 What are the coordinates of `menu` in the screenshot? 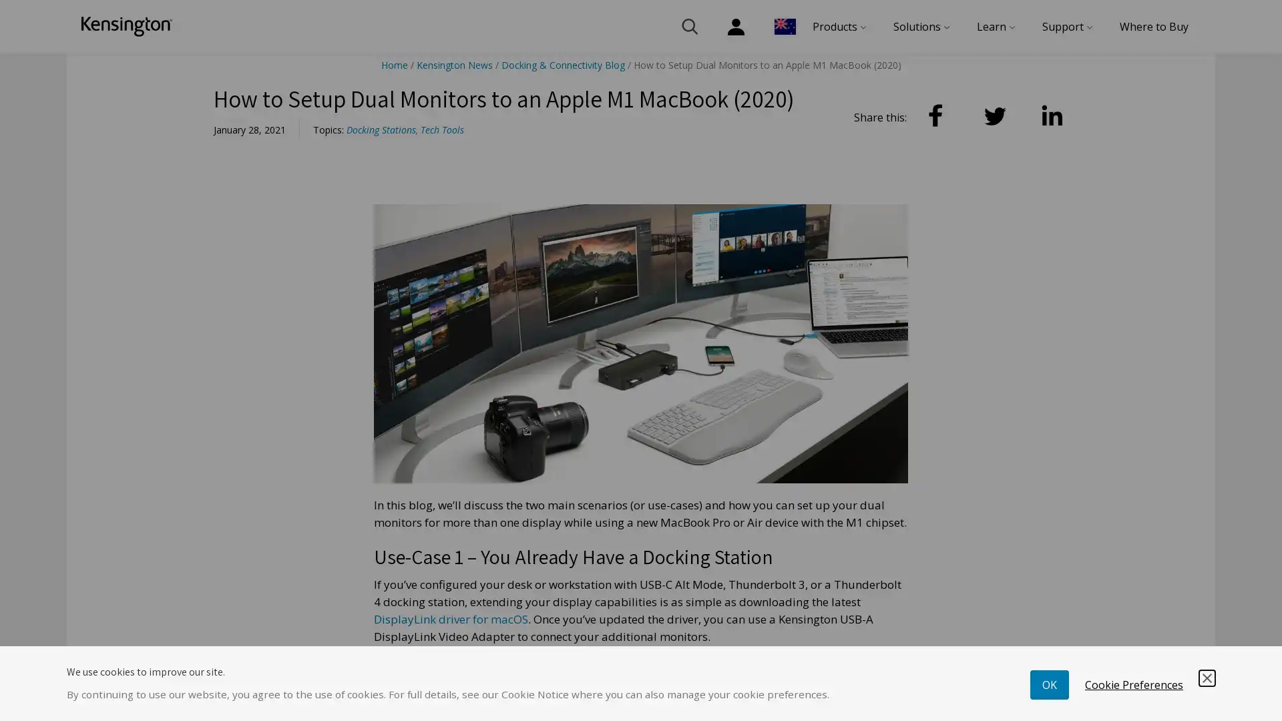 It's located at (946, 26).